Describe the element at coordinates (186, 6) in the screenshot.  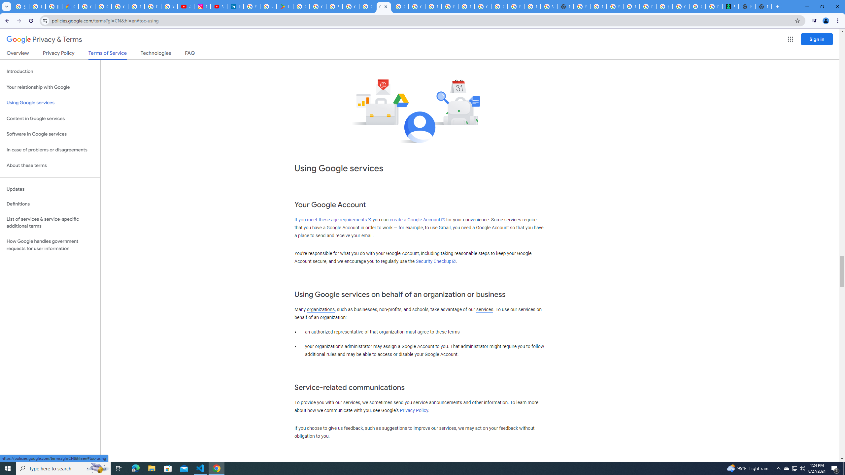
I see `'#nbabasketballhighlights - YouTube'` at that location.